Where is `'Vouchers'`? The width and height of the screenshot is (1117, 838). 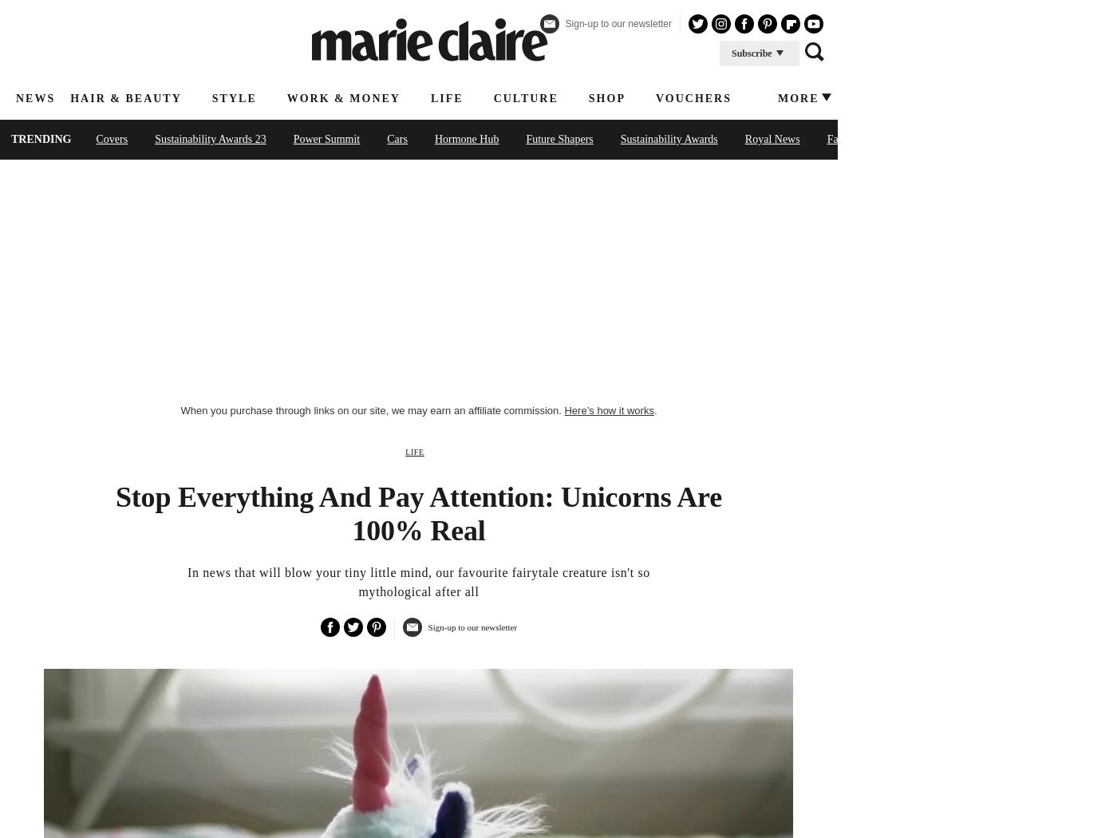 'Vouchers' is located at coordinates (693, 97).